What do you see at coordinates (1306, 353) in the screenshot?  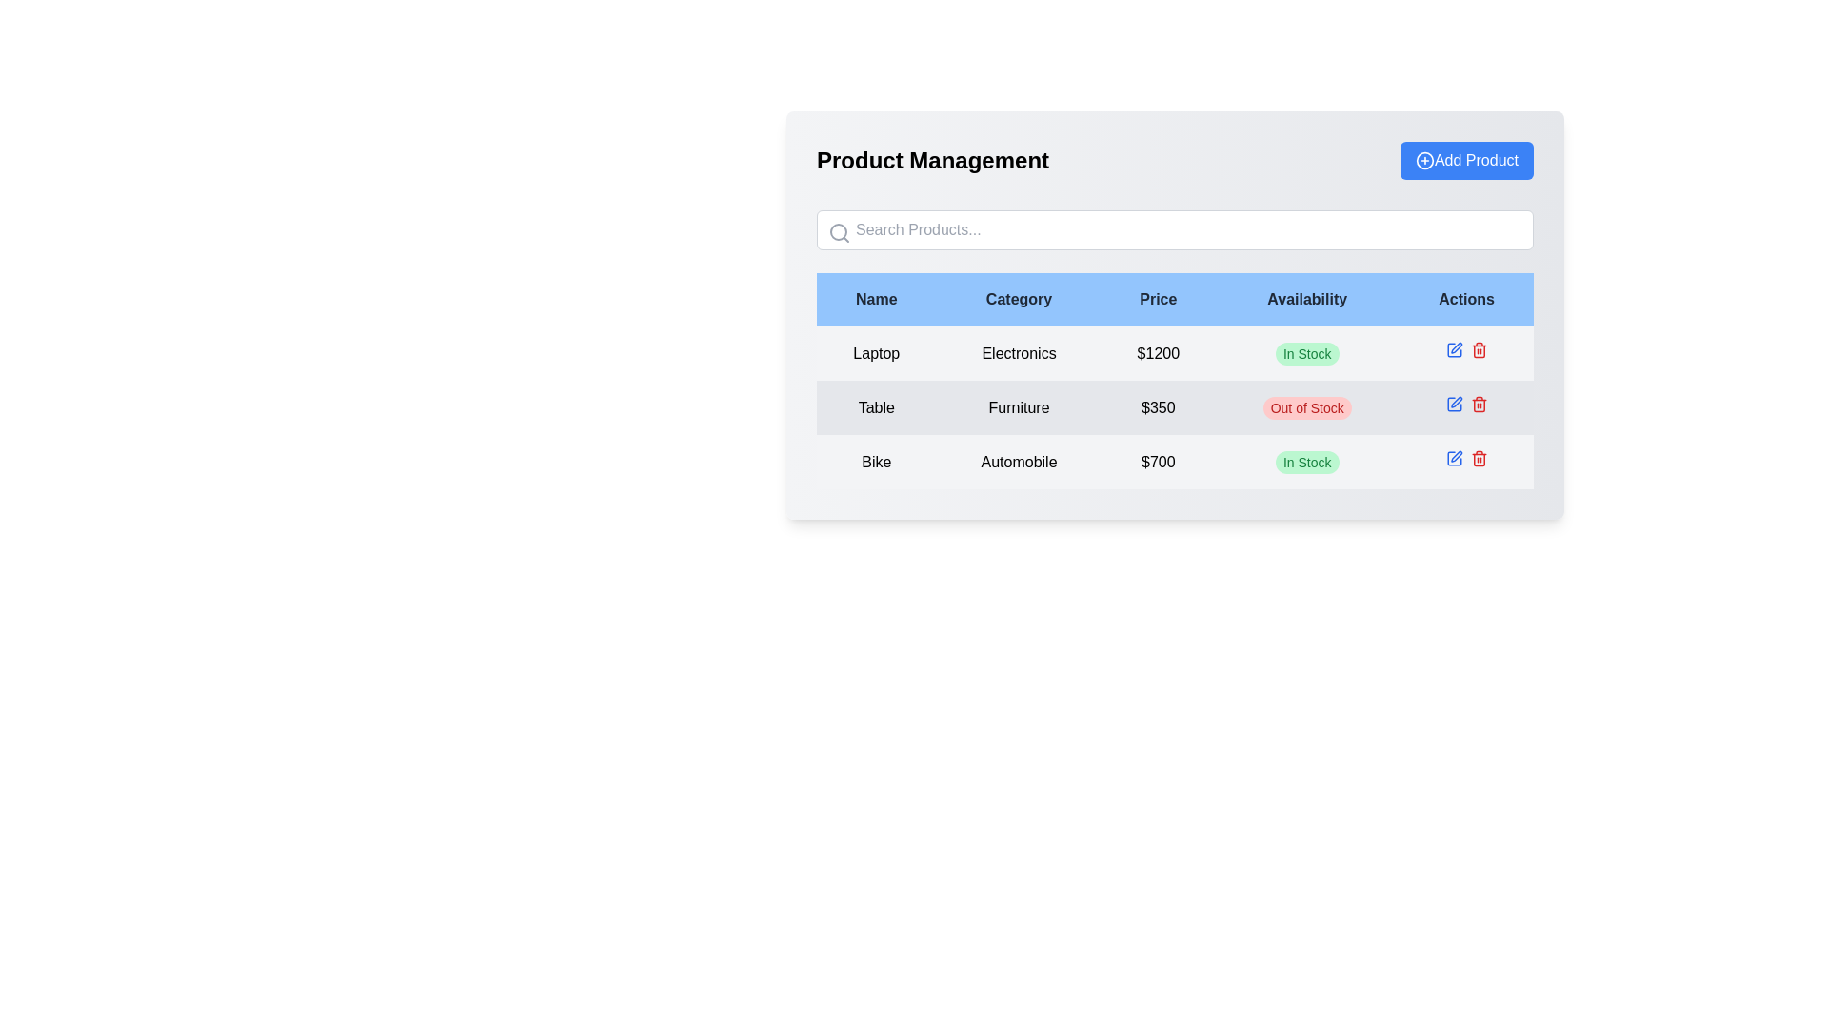 I see `the green label stating 'In Stock' in the 'Availability' column of the table for the 'Laptop' row` at bounding box center [1306, 353].